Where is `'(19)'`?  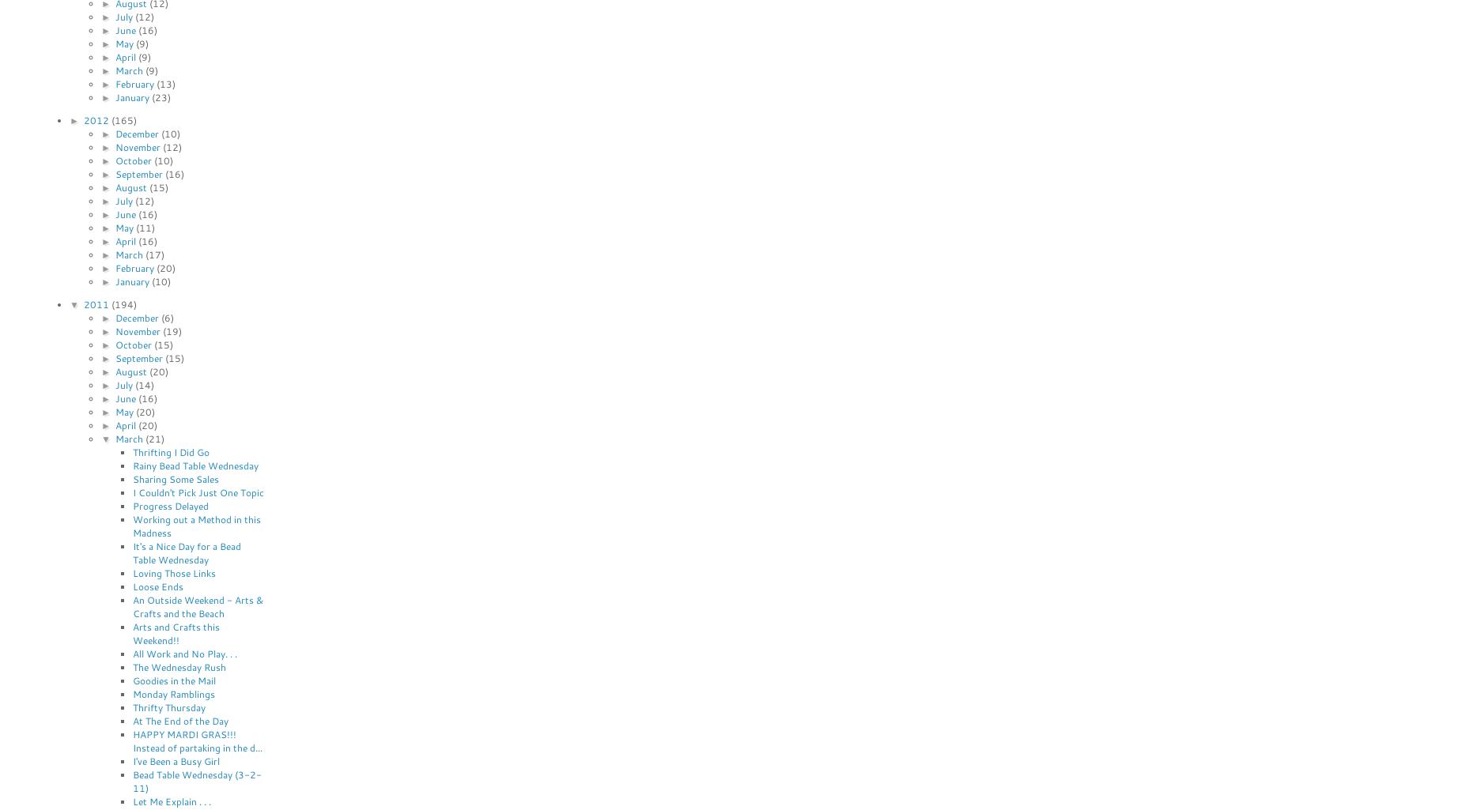
'(19)' is located at coordinates (171, 330).